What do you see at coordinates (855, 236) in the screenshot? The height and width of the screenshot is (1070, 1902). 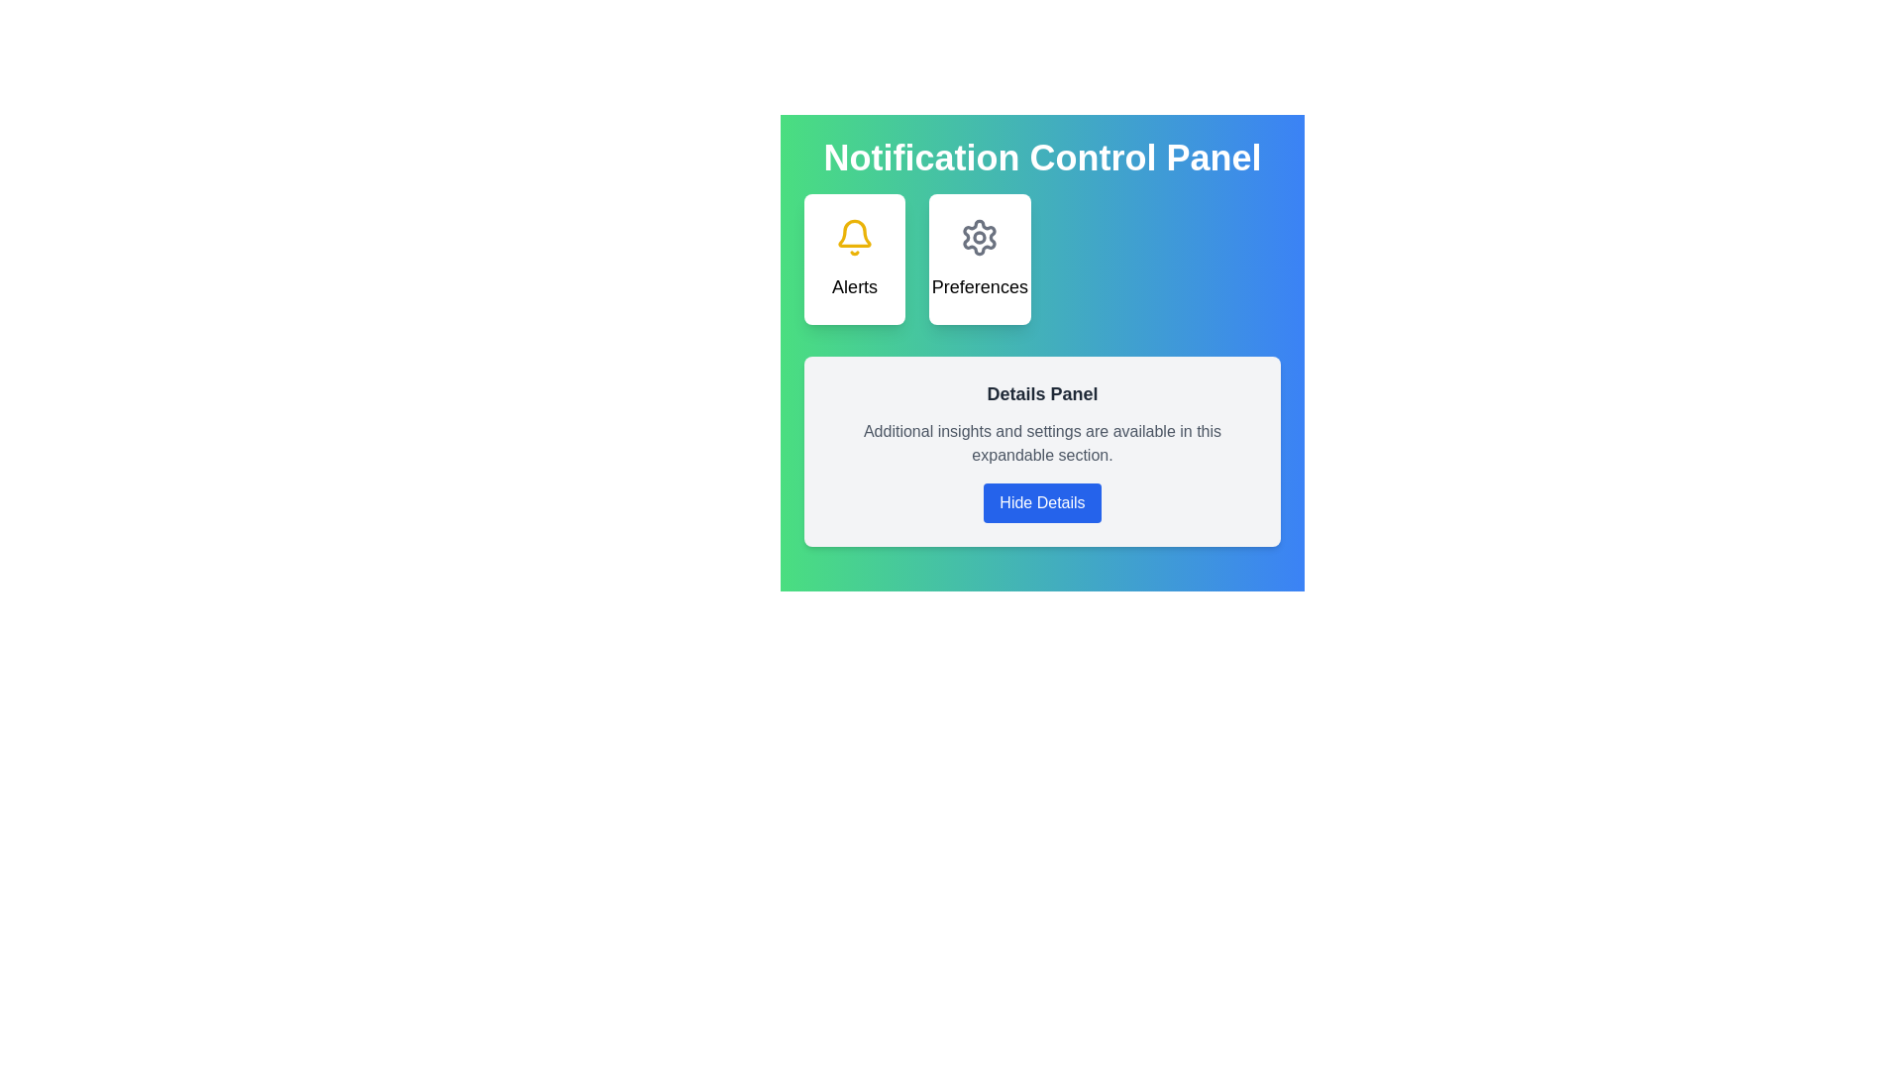 I see `the yellow bell icon indicating alerts or notifications located in the upper-left section of the 'Alerts' interface, positioned left of the 'Preferences' icon` at bounding box center [855, 236].